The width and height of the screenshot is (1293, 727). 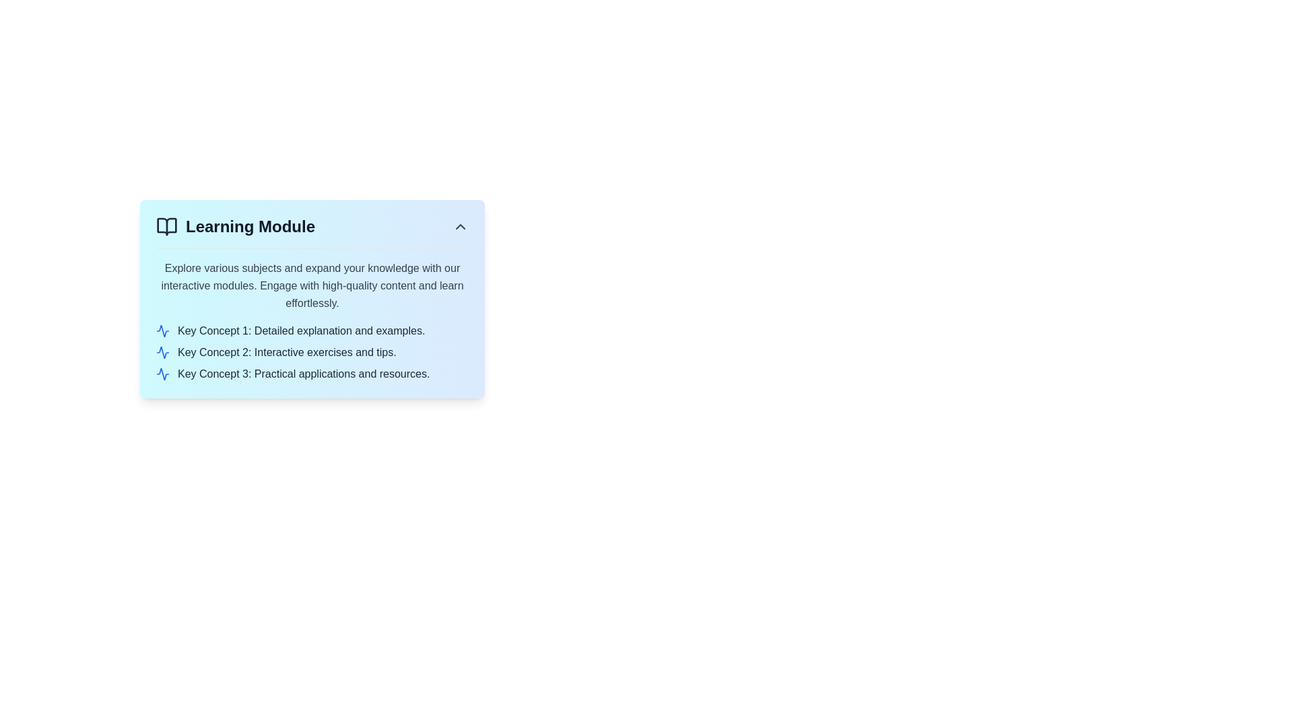 I want to click on the open book icon located, so click(x=166, y=226).